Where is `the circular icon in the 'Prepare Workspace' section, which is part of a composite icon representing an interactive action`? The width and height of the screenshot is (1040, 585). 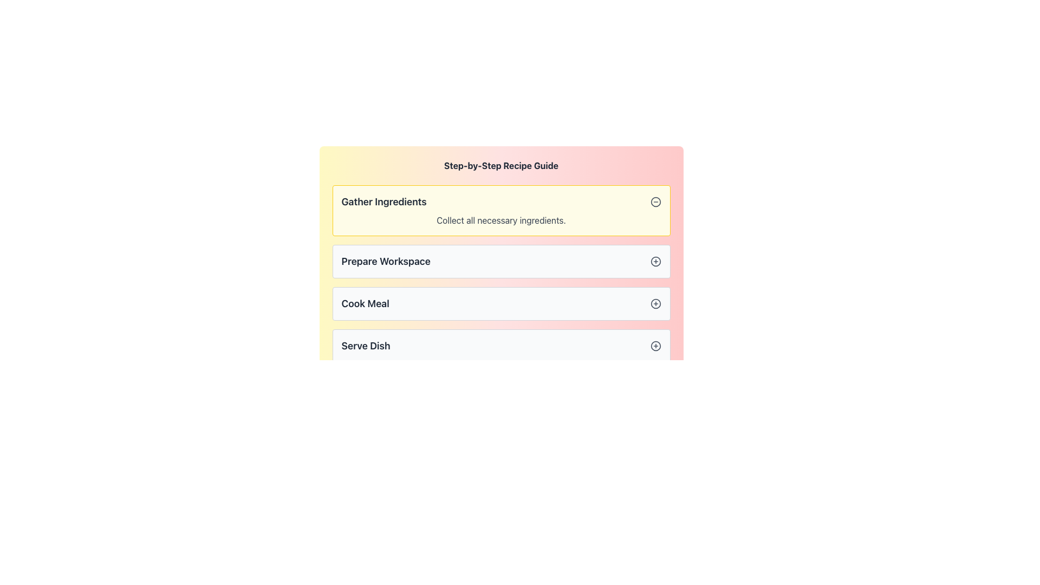 the circular icon in the 'Prepare Workspace' section, which is part of a composite icon representing an interactive action is located at coordinates (655, 261).